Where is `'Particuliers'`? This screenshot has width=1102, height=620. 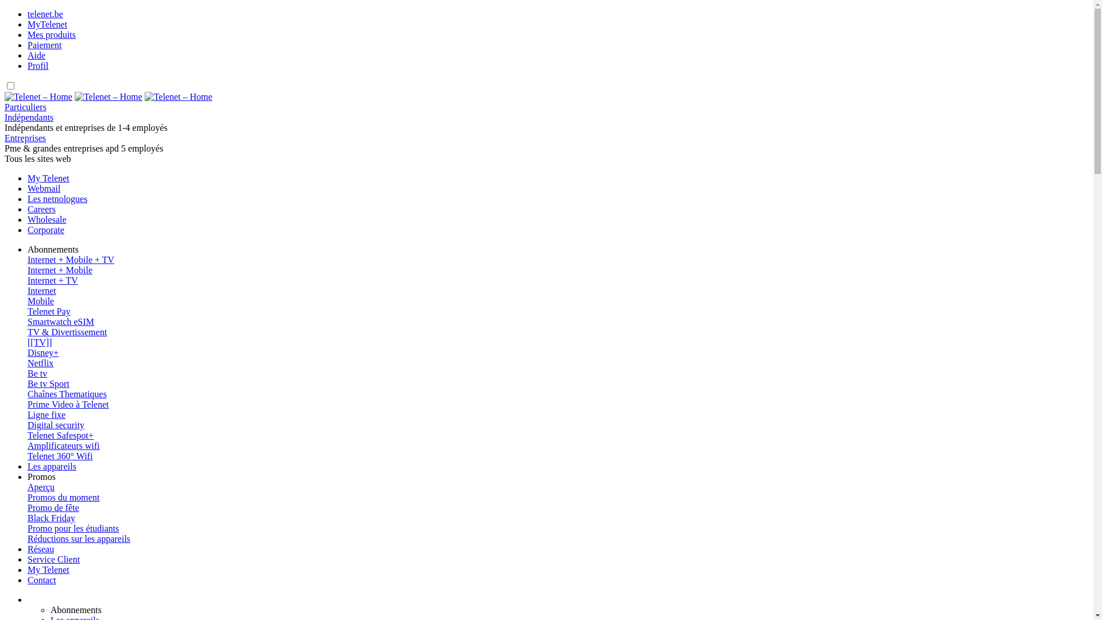 'Particuliers' is located at coordinates (25, 107).